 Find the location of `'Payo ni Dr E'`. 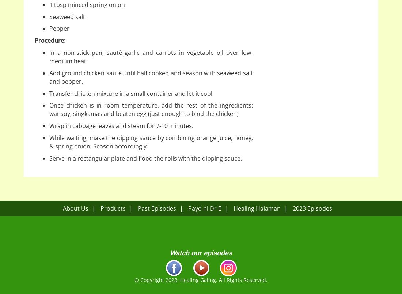

'Payo ni Dr E' is located at coordinates (204, 208).